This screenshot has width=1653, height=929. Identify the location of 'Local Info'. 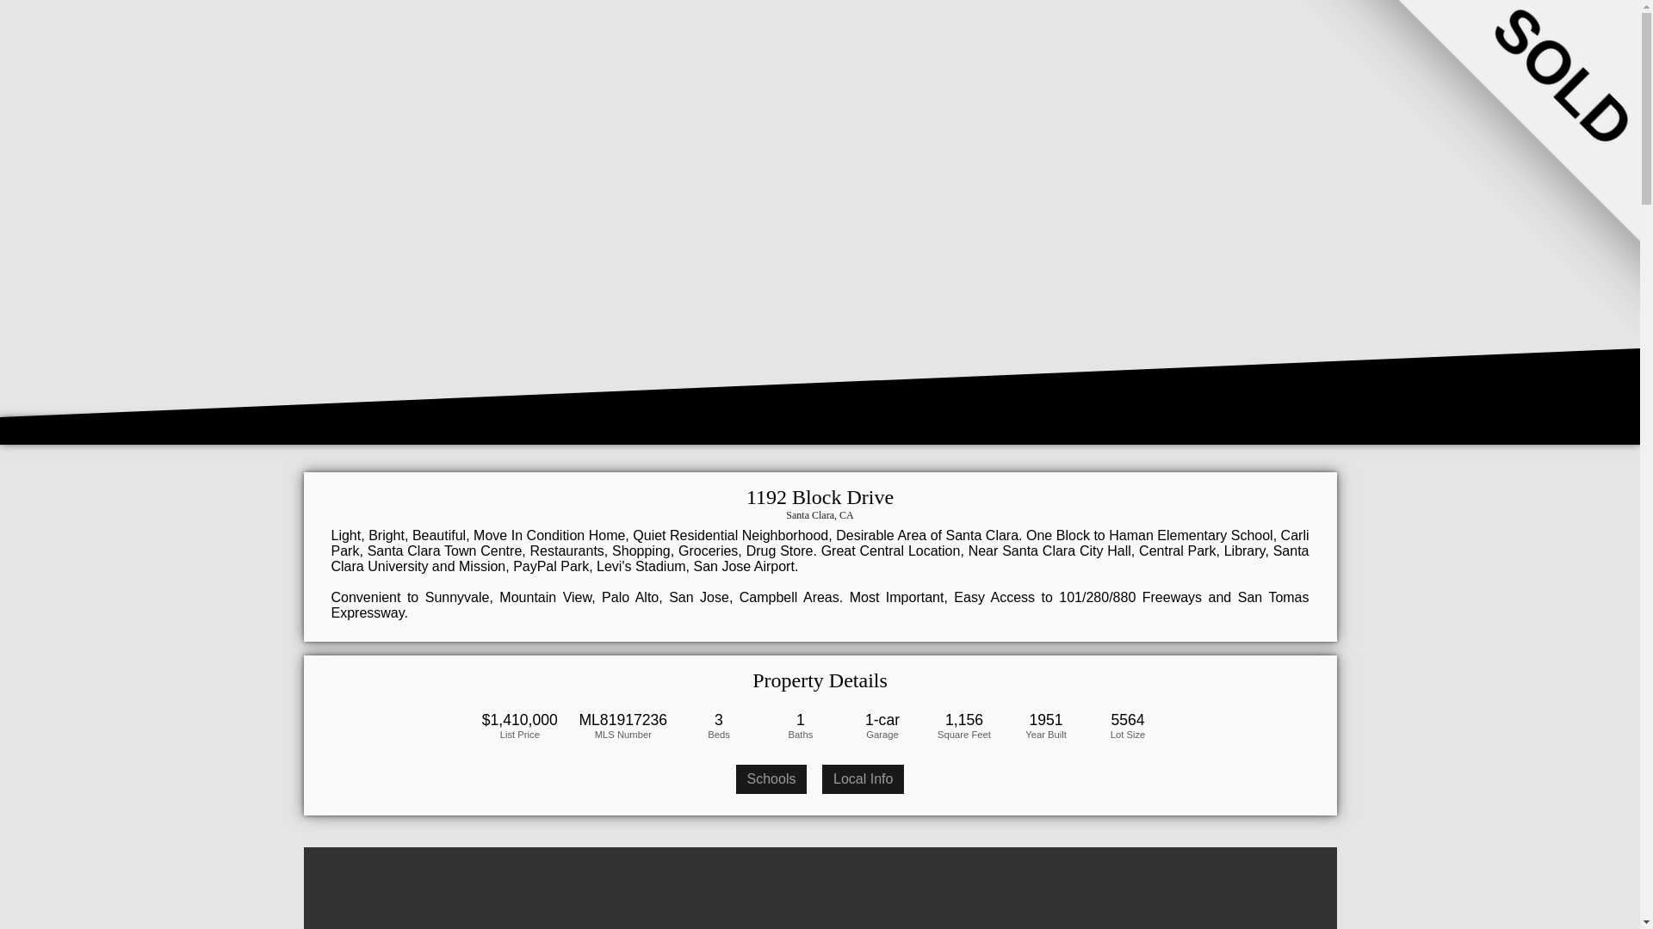
(863, 779).